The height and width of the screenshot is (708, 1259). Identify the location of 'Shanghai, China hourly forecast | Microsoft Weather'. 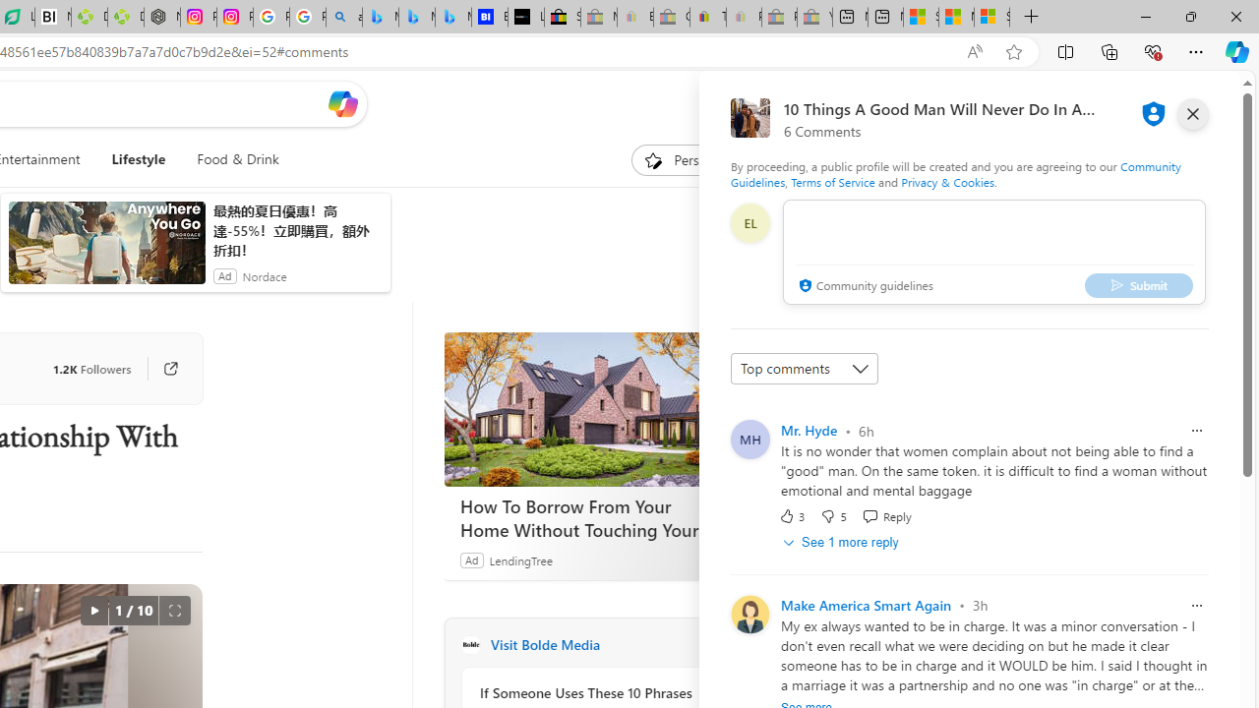
(920, 17).